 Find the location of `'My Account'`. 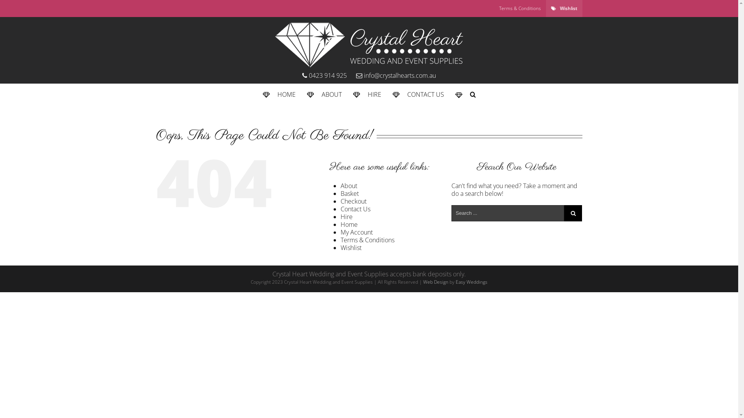

'My Account' is located at coordinates (356, 232).